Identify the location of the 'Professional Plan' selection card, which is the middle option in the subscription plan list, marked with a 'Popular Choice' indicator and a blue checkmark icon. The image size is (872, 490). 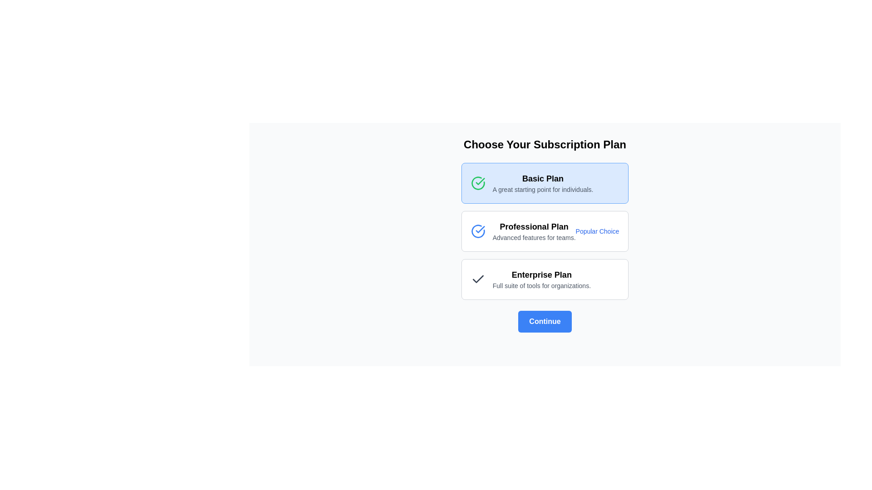
(545, 230).